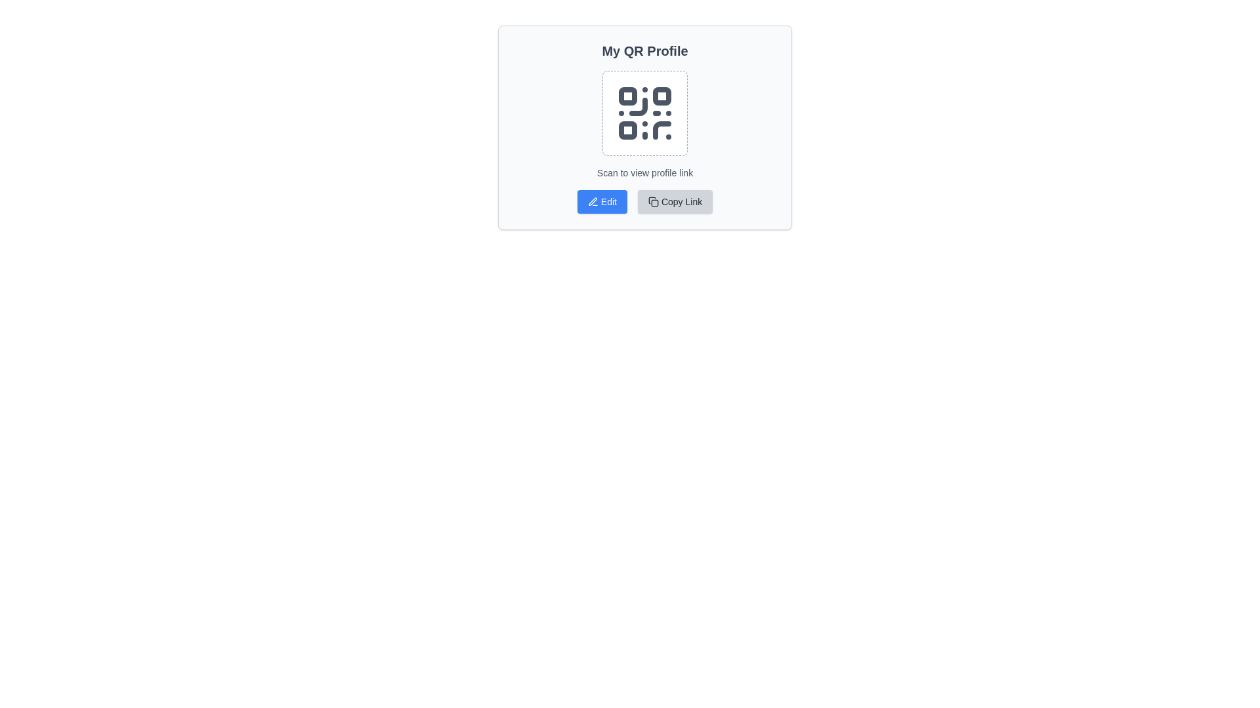 The image size is (1260, 708). I want to click on the 'Copy Link' button, which is the second button with a light gray background and a duplicate-sheet icon to the left of the text, so click(675, 202).